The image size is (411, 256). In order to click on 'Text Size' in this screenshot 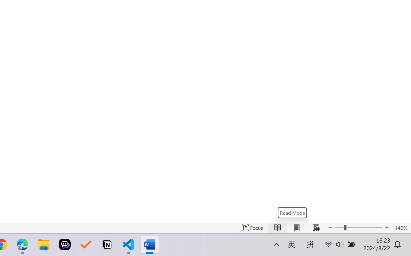, I will do `click(358, 228)`.